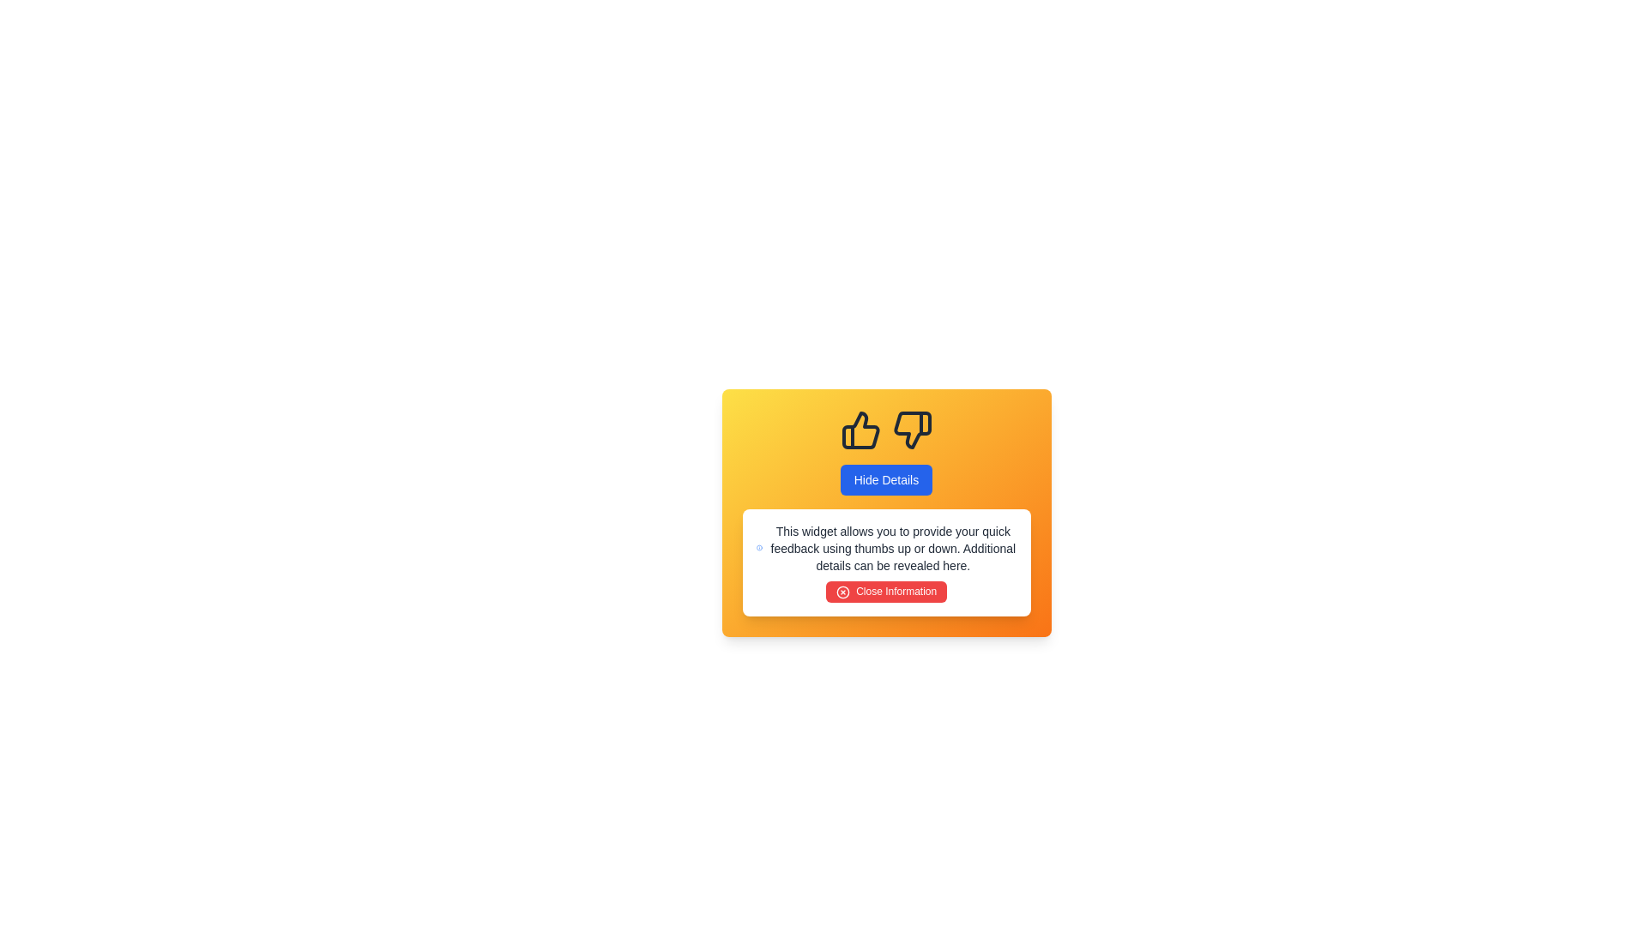  Describe the element at coordinates (892, 549) in the screenshot. I see `textual description that provides quick feedback instructions, which is styled in small gray font and located below the thumbs icons and adjacent to the 'Hide Details' button` at that location.